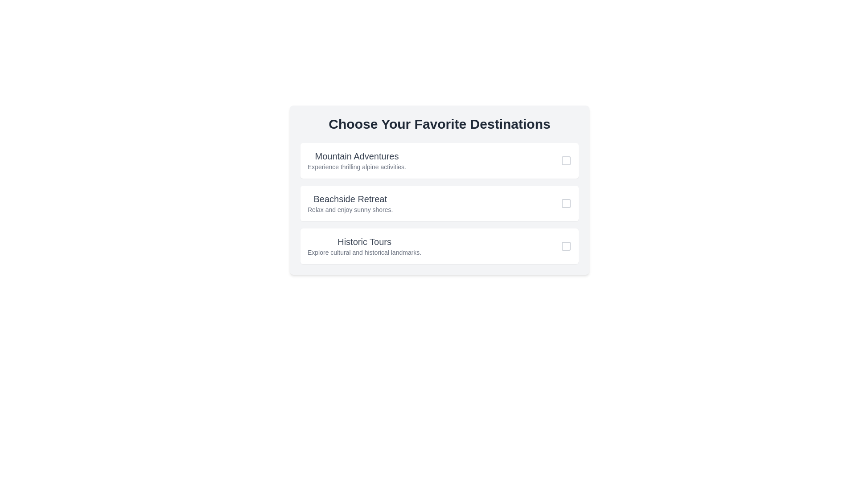 This screenshot has width=856, height=481. I want to click on the checkbox located in the top-right corner of the 'Mountain Adventures' card, so click(566, 161).